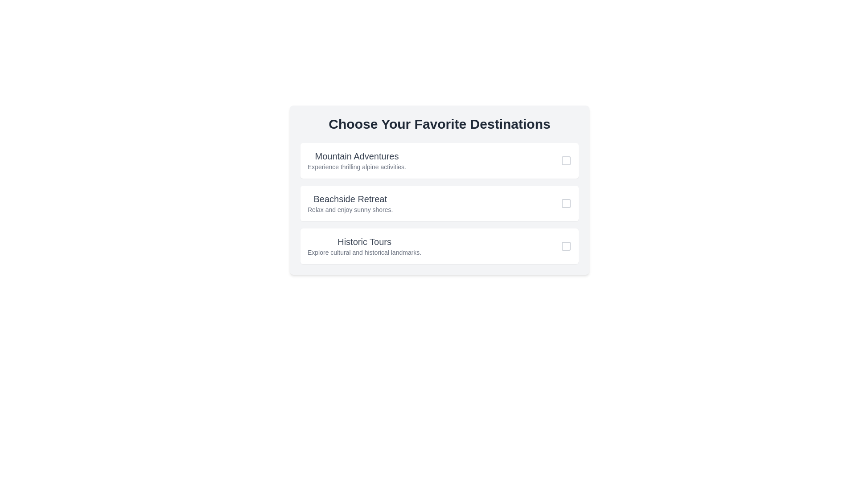 This screenshot has width=856, height=481. I want to click on the checkbox located in the top-right corner of the 'Mountain Adventures' card, so click(566, 161).